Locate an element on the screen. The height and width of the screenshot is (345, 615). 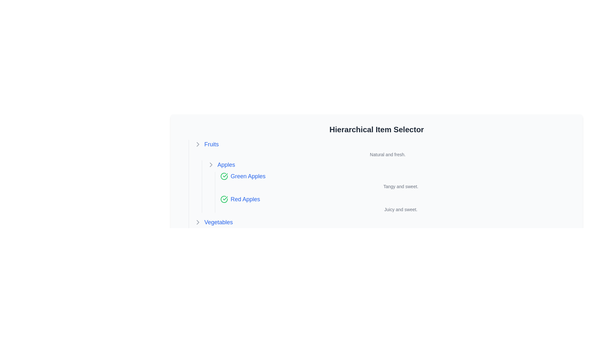
the green circle icon with a checkmark, which indicates confirmation or selection, located to the left of the text 'Green Apples' is located at coordinates (224, 176).